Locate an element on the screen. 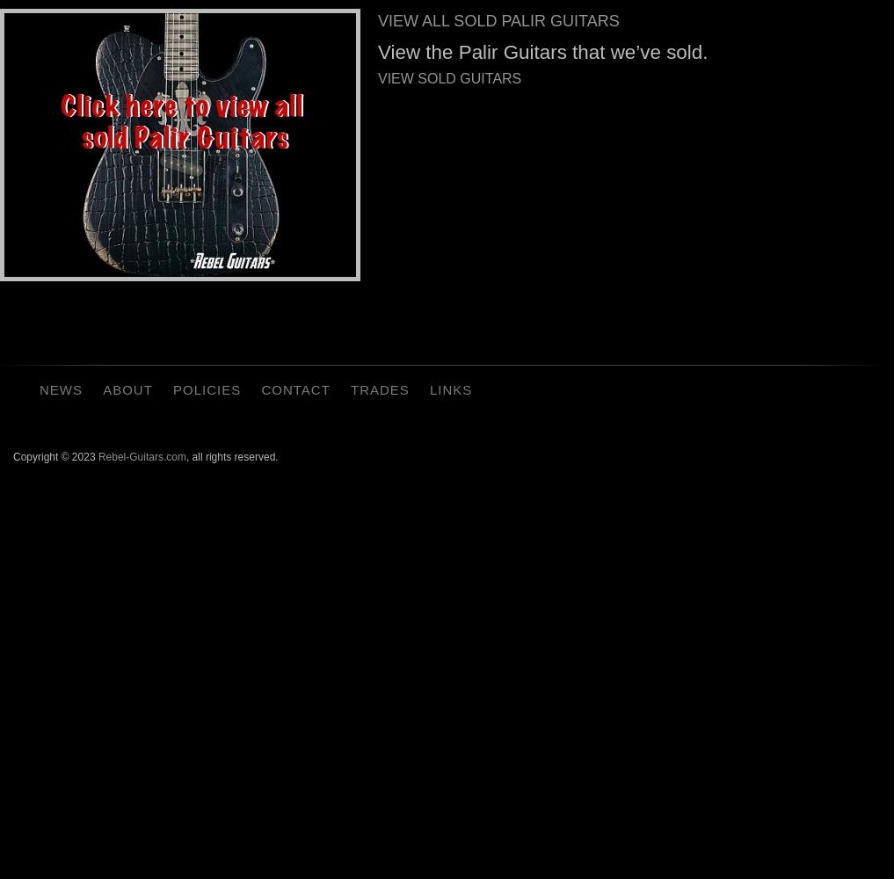  'News' is located at coordinates (61, 389).